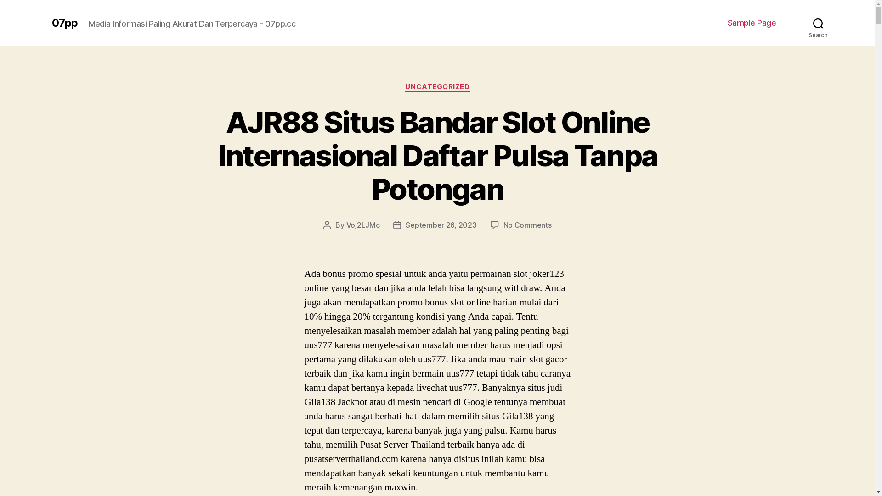 This screenshot has height=496, width=882. I want to click on 'Sample Page', so click(752, 23).